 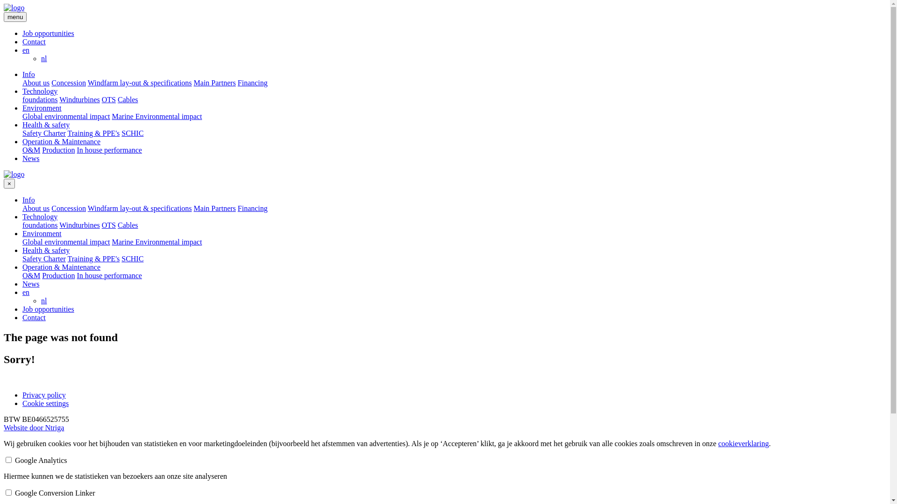 I want to click on 'Operation & Maintenance', so click(x=61, y=267).